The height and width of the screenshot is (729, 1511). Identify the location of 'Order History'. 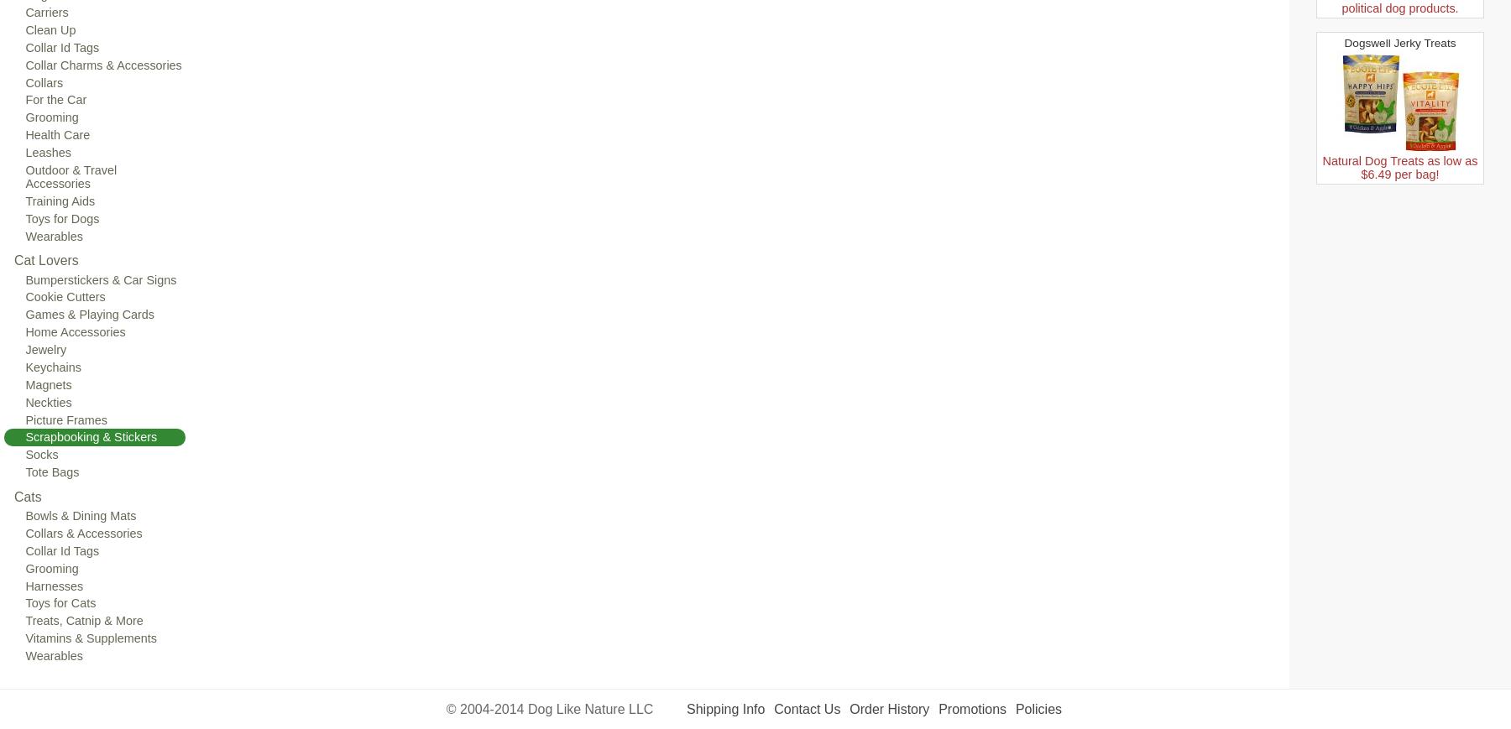
(889, 709).